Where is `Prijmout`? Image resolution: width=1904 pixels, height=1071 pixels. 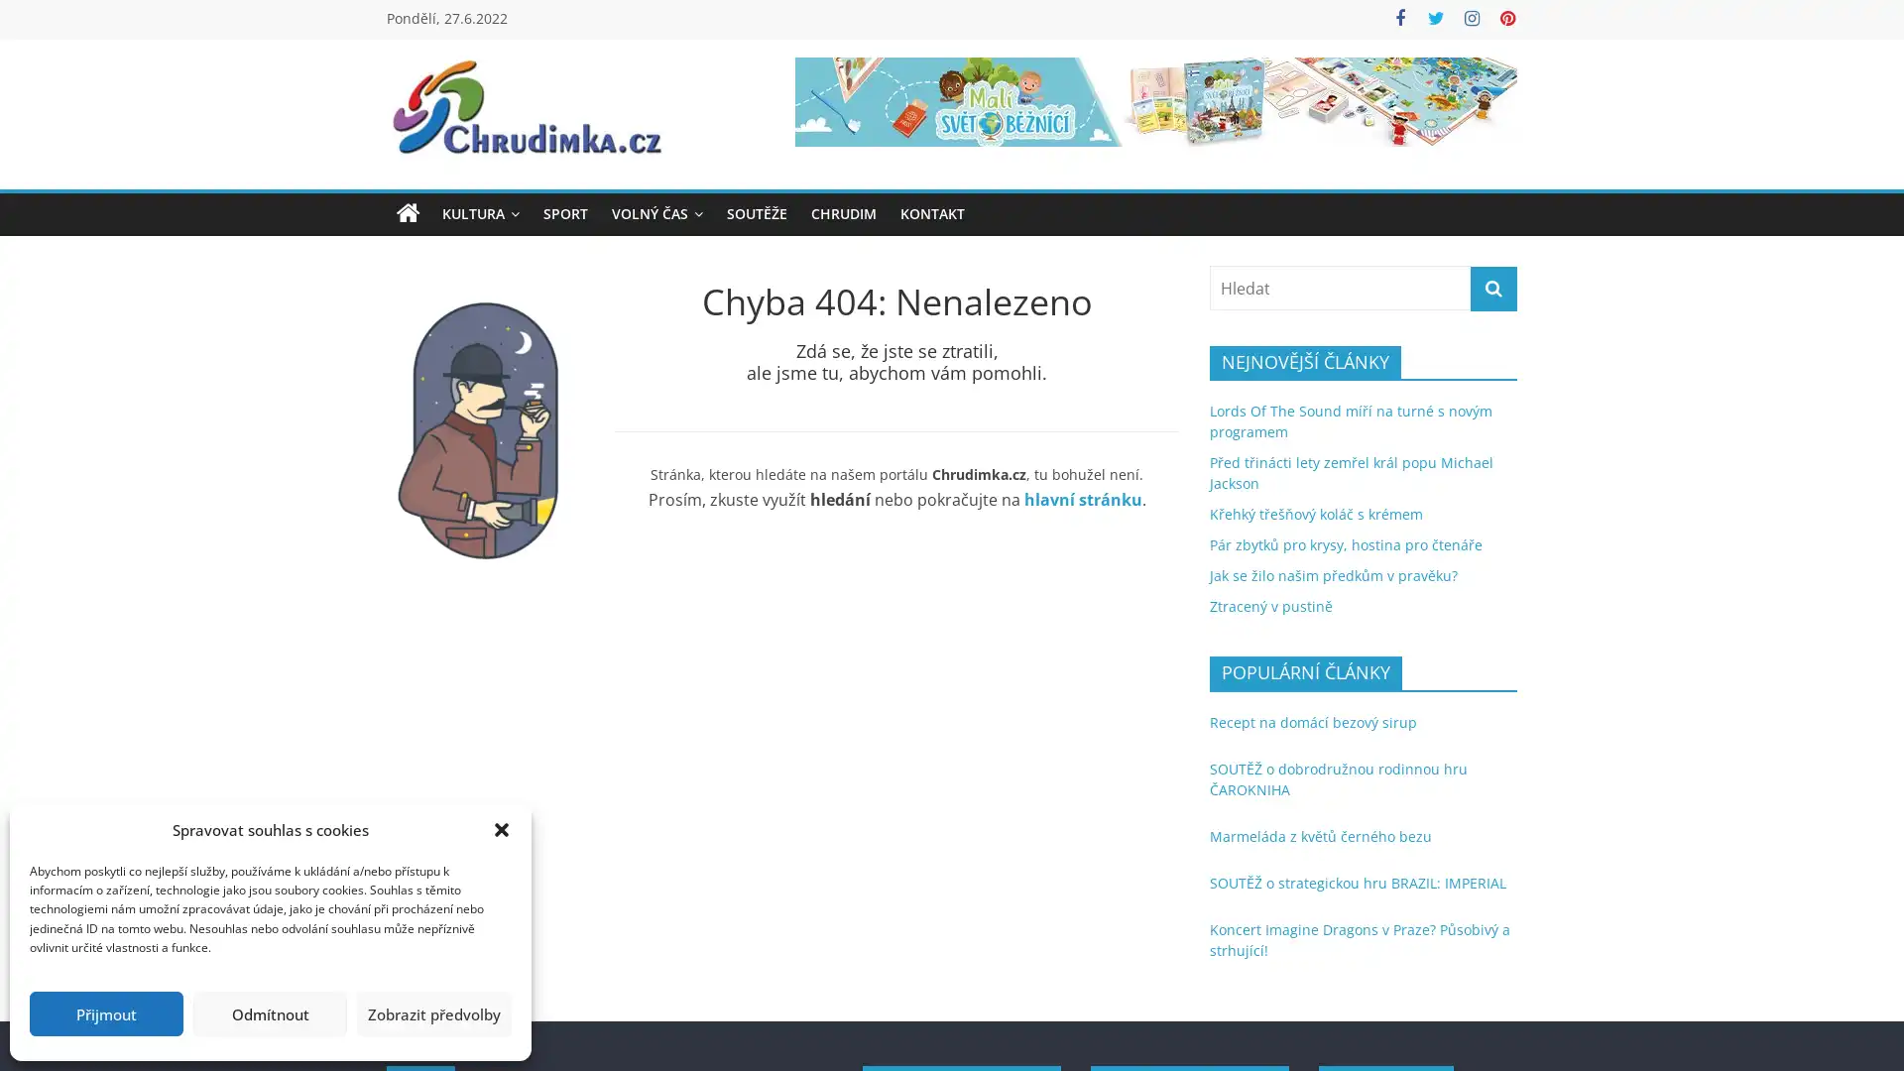
Prijmout is located at coordinates (105, 1013).